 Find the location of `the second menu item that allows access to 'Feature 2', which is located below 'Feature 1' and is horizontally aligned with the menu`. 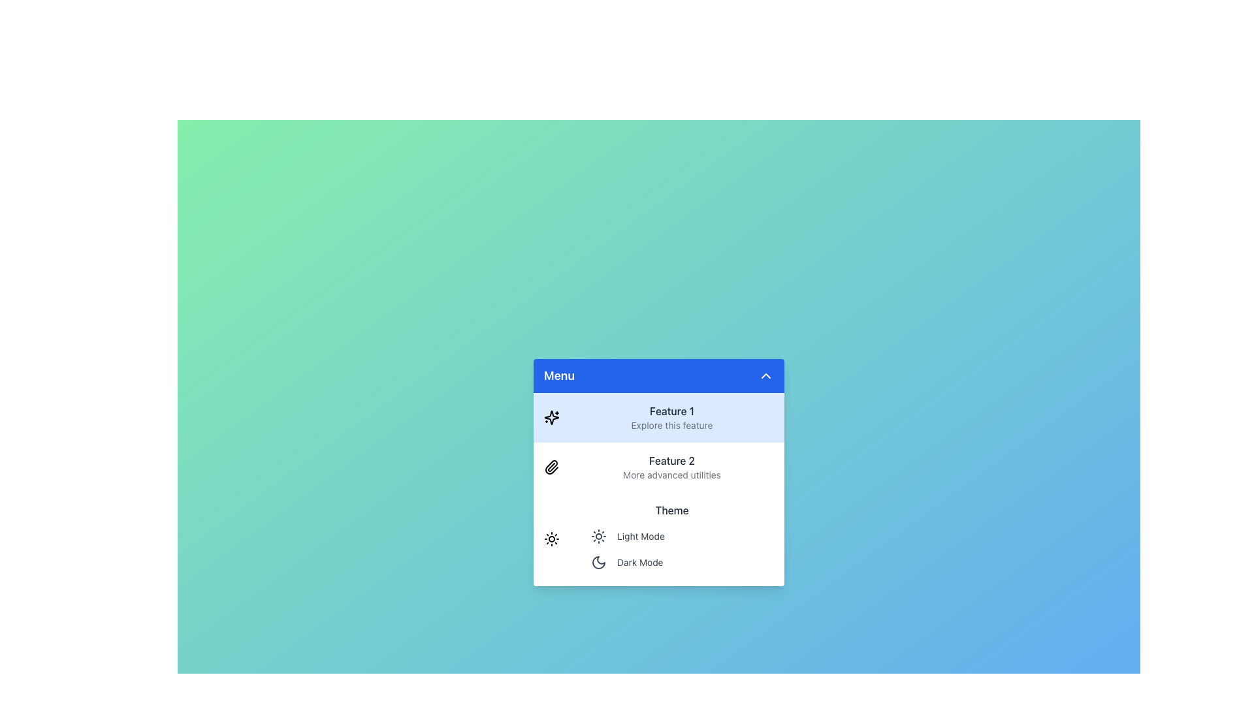

the second menu item that allows access to 'Feature 2', which is located below 'Feature 1' and is horizontally aligned with the menu is located at coordinates (671, 467).